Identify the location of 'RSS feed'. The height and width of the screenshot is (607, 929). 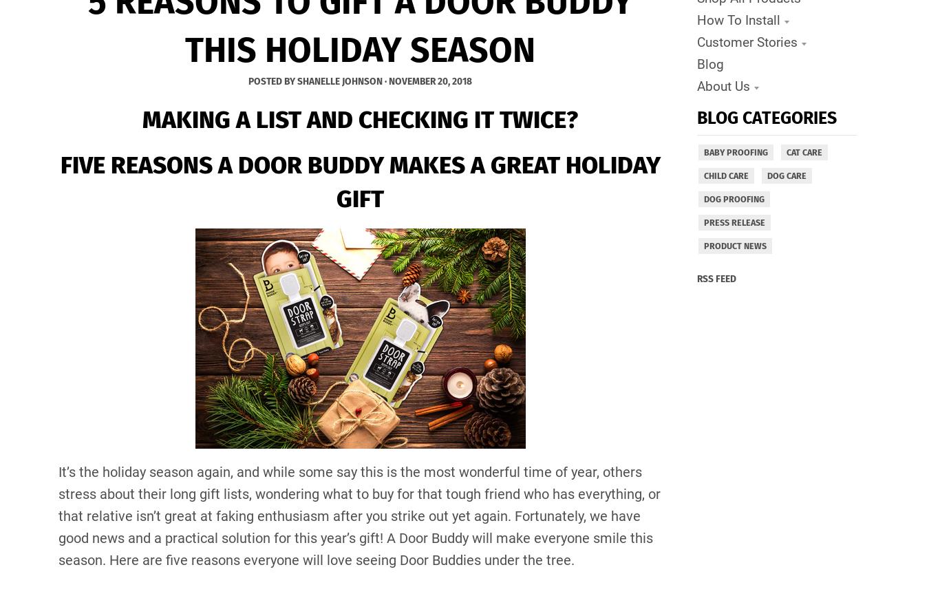
(716, 278).